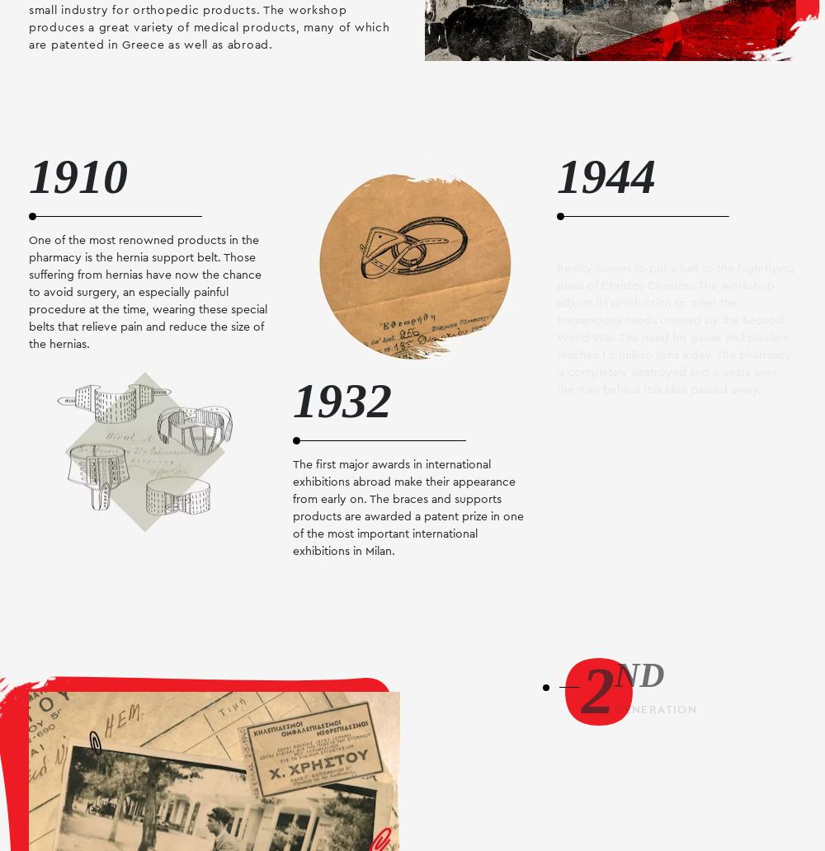 Image resolution: width=825 pixels, height=851 pixels. What do you see at coordinates (656, 708) in the screenshot?
I see `'Generation'` at bounding box center [656, 708].